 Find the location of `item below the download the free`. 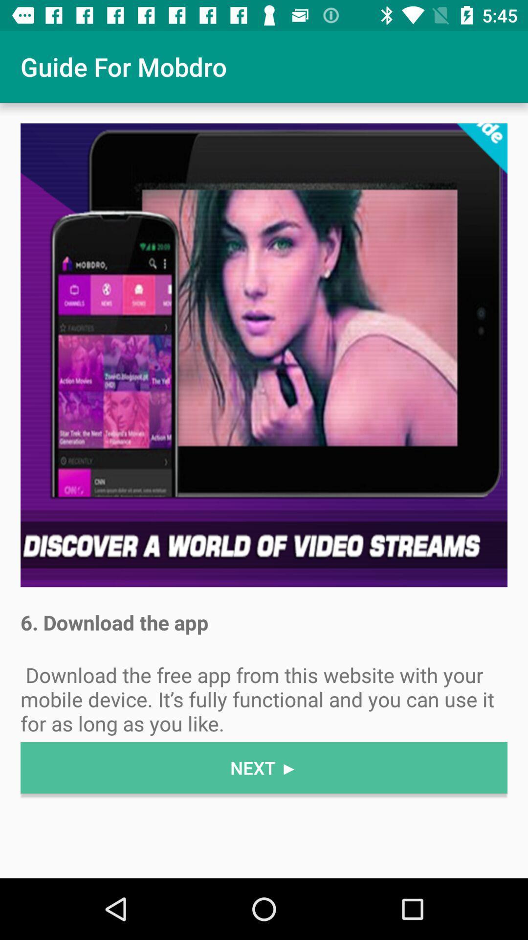

item below the download the free is located at coordinates (264, 767).